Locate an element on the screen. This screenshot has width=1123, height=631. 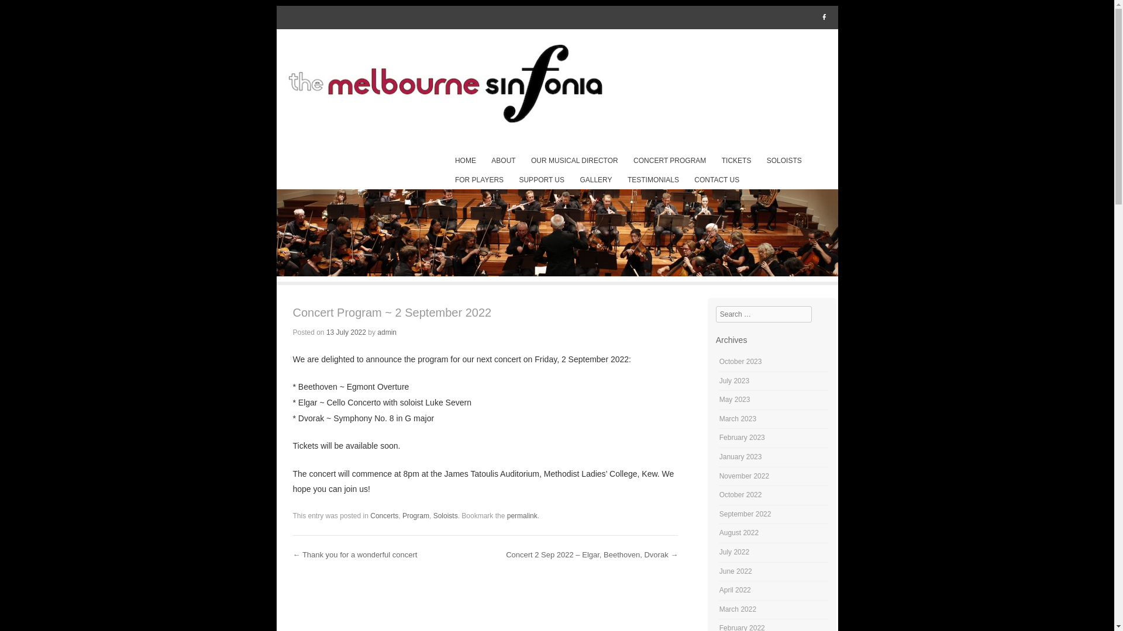
'January 2023' is located at coordinates (740, 456).